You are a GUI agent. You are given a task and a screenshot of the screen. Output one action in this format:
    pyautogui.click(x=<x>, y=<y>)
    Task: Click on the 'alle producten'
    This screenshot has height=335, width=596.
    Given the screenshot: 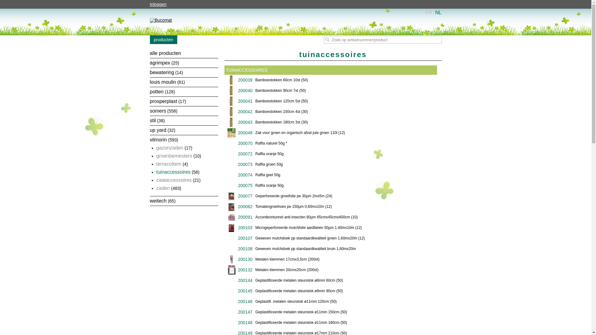 What is the action you would take?
    pyautogui.click(x=165, y=53)
    